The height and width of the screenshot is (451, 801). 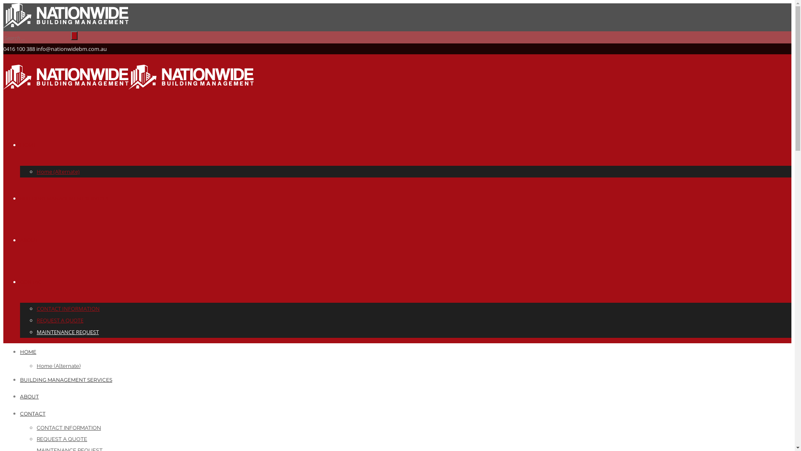 What do you see at coordinates (65, 380) in the screenshot?
I see `'BUILDING MANAGEMENT SERVICES'` at bounding box center [65, 380].